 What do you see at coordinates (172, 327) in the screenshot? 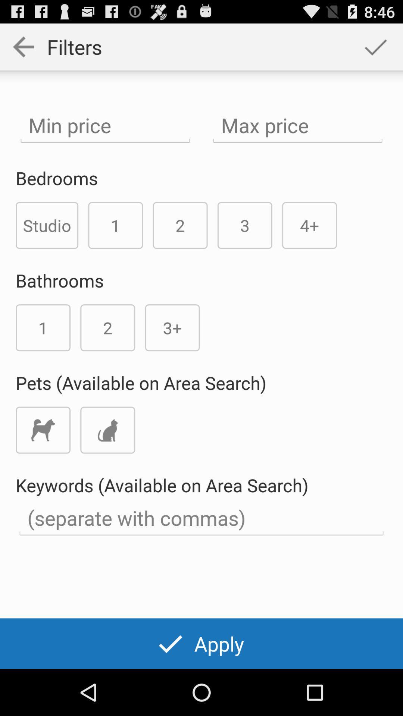
I see `the button 3 in bathrooms` at bounding box center [172, 327].